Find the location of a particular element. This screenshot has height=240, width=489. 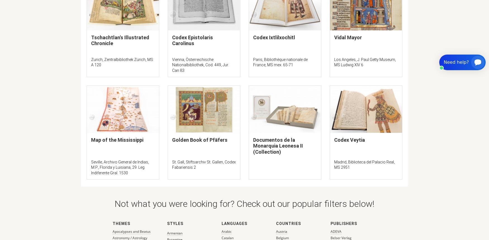

'Armenian' is located at coordinates (174, 233).